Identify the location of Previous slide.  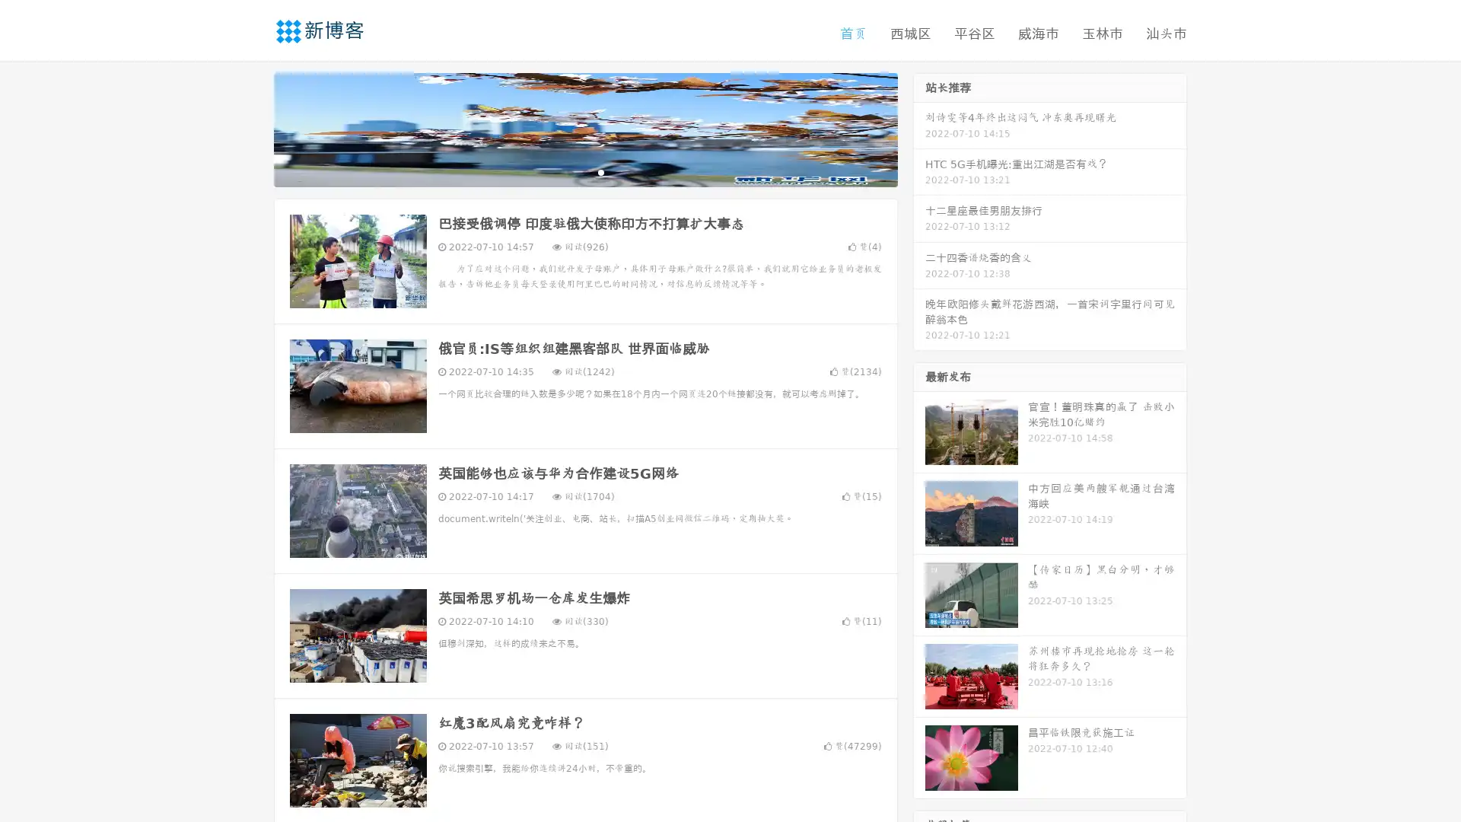
(251, 128).